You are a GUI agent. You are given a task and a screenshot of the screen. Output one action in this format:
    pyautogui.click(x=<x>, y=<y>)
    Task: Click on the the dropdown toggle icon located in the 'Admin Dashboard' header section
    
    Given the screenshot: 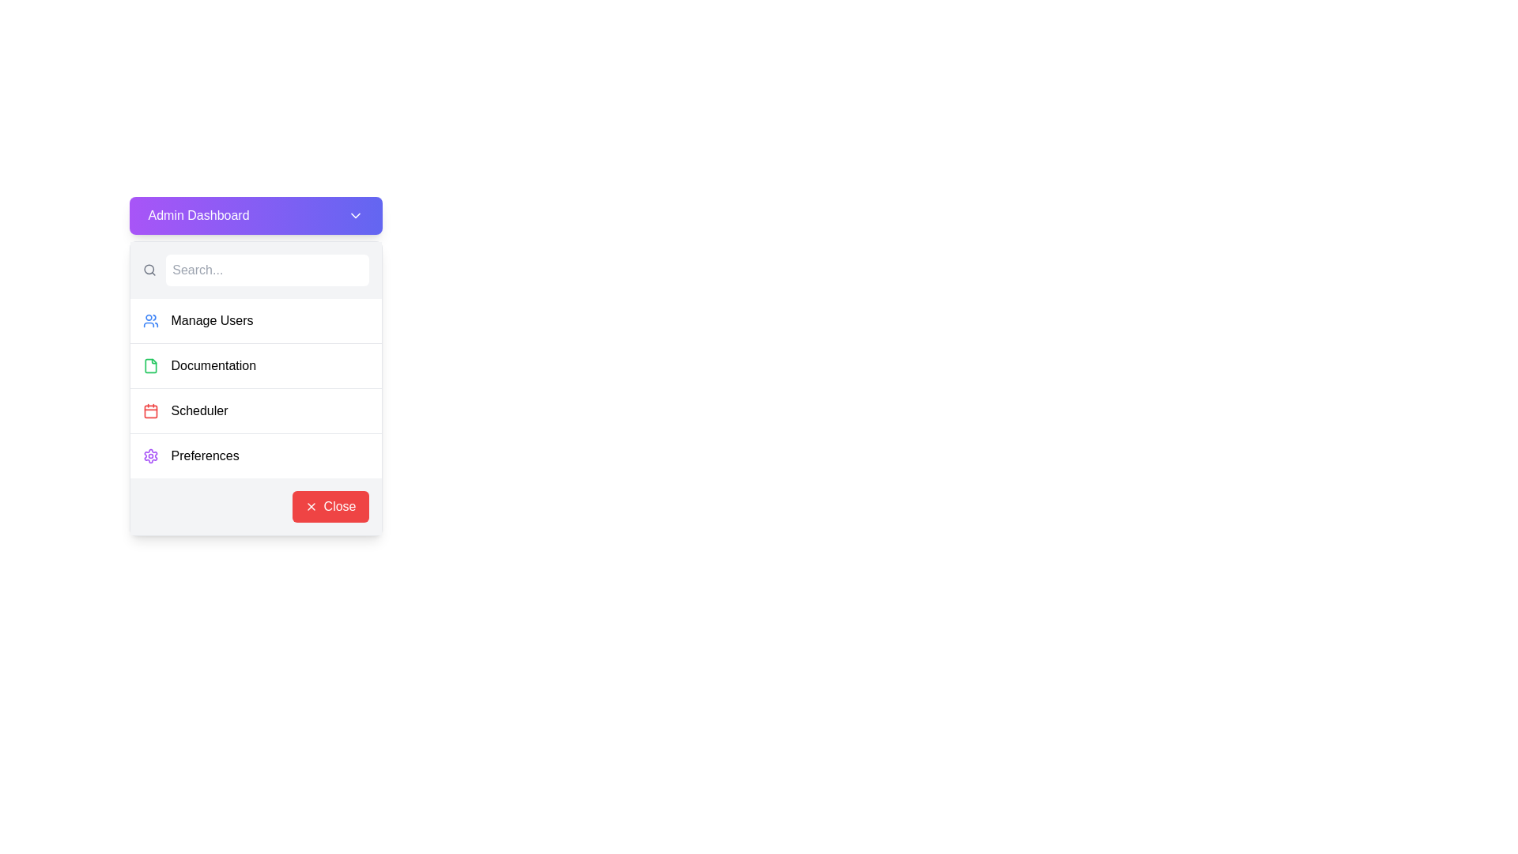 What is the action you would take?
    pyautogui.click(x=354, y=216)
    